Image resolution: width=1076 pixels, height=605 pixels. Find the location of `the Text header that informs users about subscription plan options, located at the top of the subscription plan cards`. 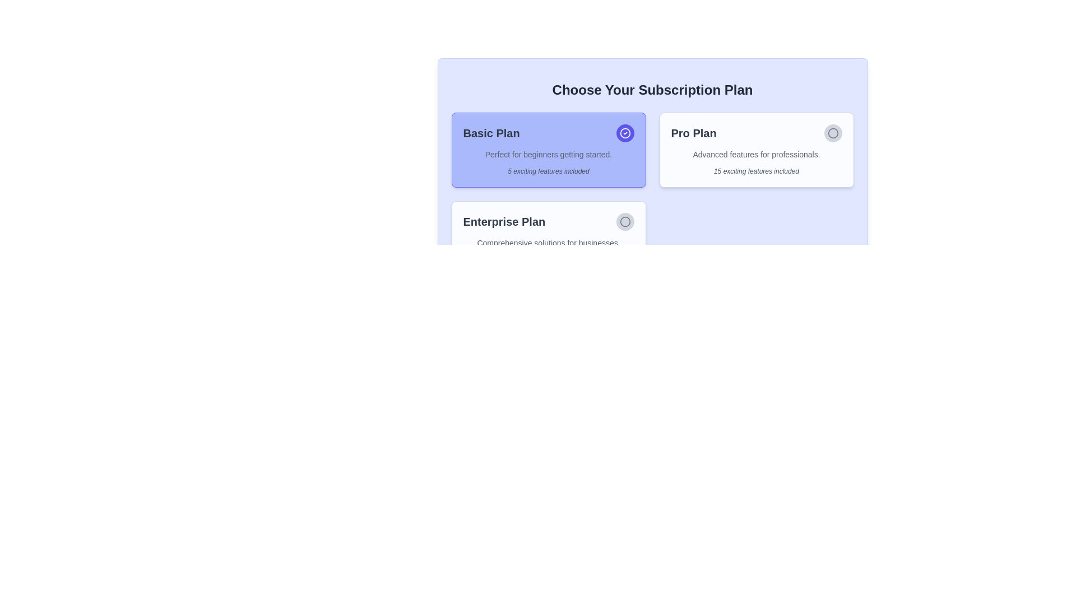

the Text header that informs users about subscription plan options, located at the top of the subscription plan cards is located at coordinates (652, 90).